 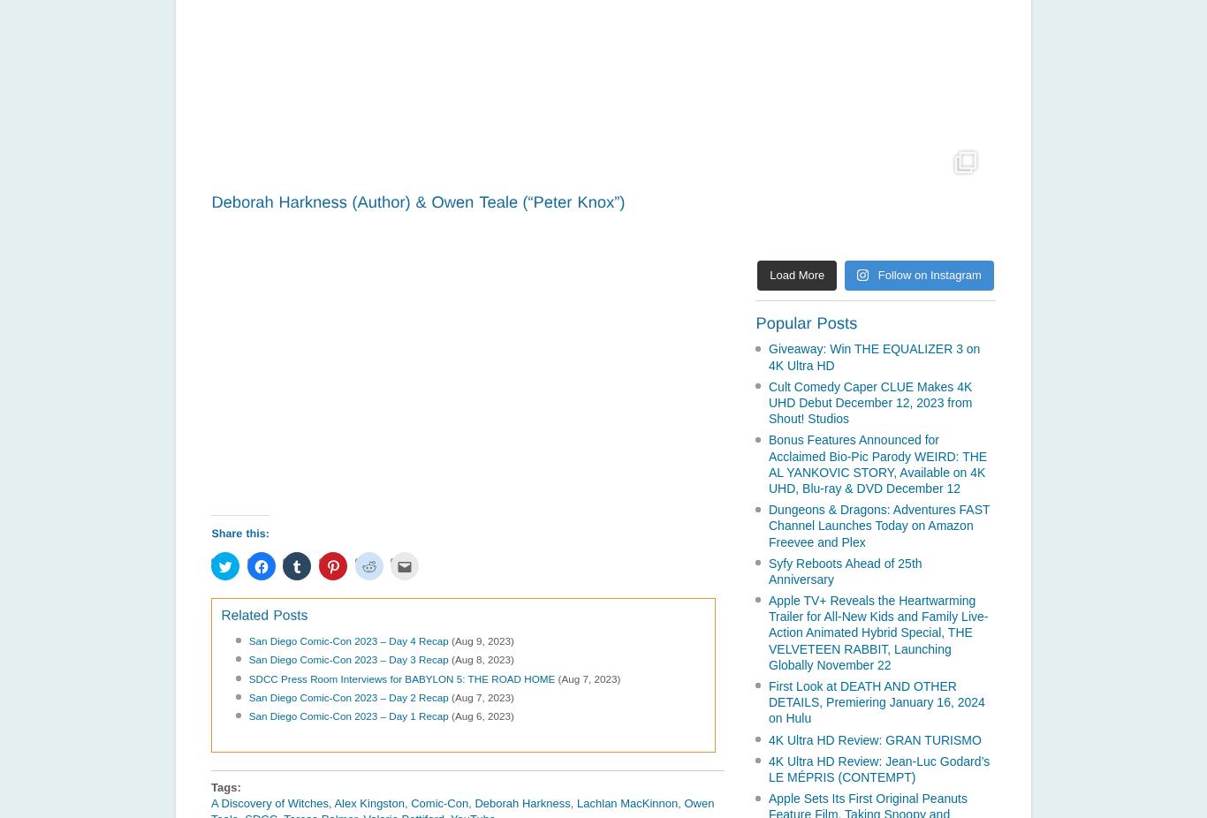 What do you see at coordinates (269, 802) in the screenshot?
I see `'A Discovery of Witches'` at bounding box center [269, 802].